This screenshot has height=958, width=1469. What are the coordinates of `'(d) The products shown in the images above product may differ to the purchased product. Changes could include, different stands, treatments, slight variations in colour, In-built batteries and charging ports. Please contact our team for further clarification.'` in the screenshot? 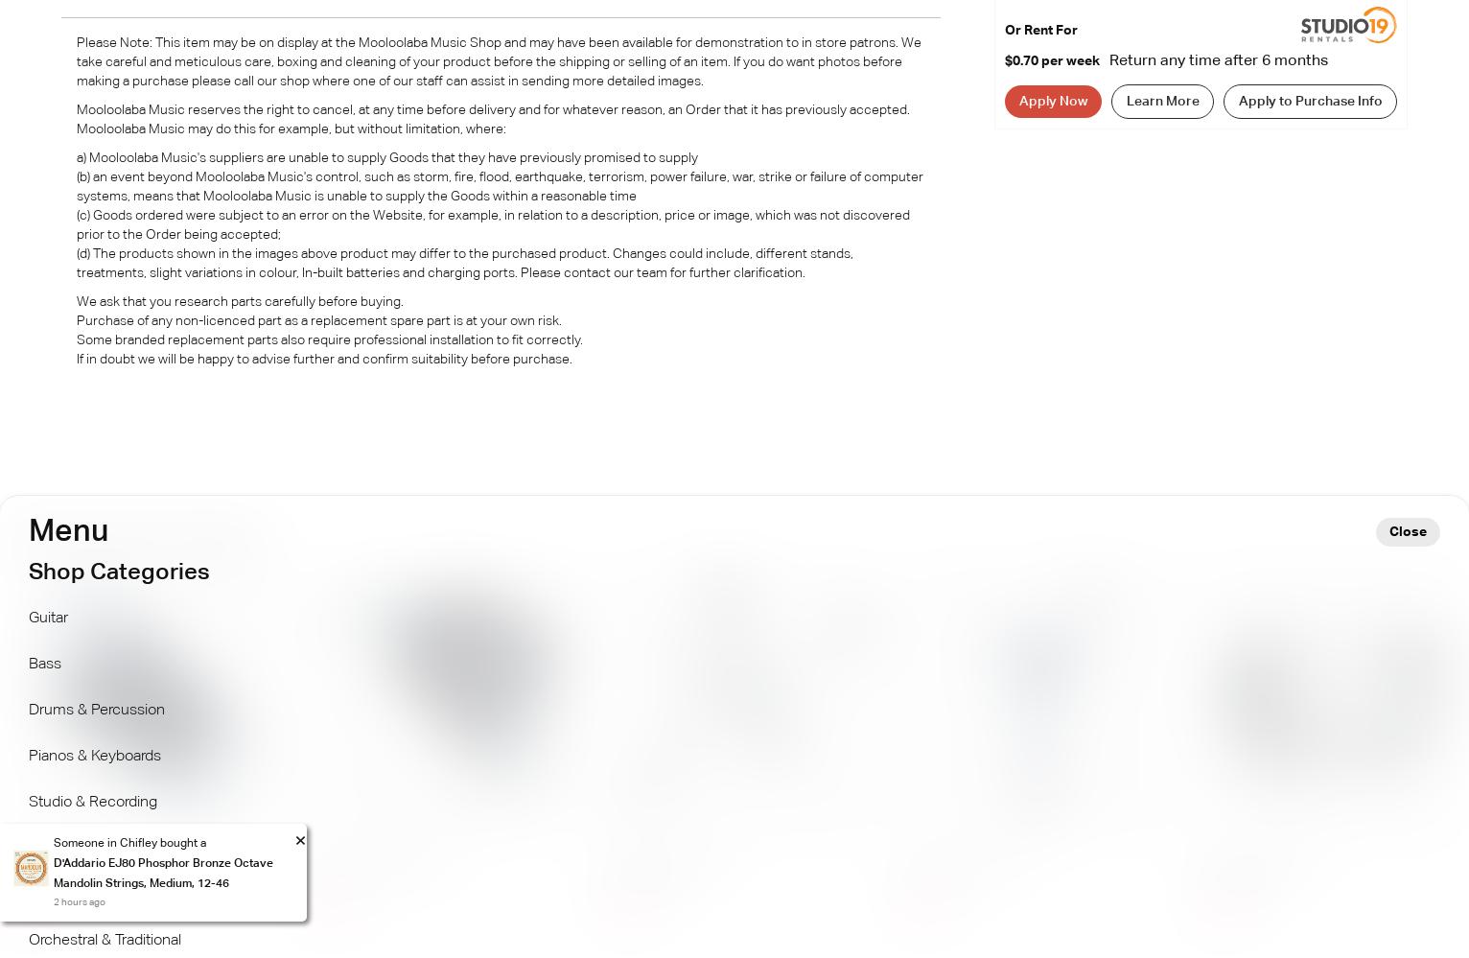 It's located at (464, 263).